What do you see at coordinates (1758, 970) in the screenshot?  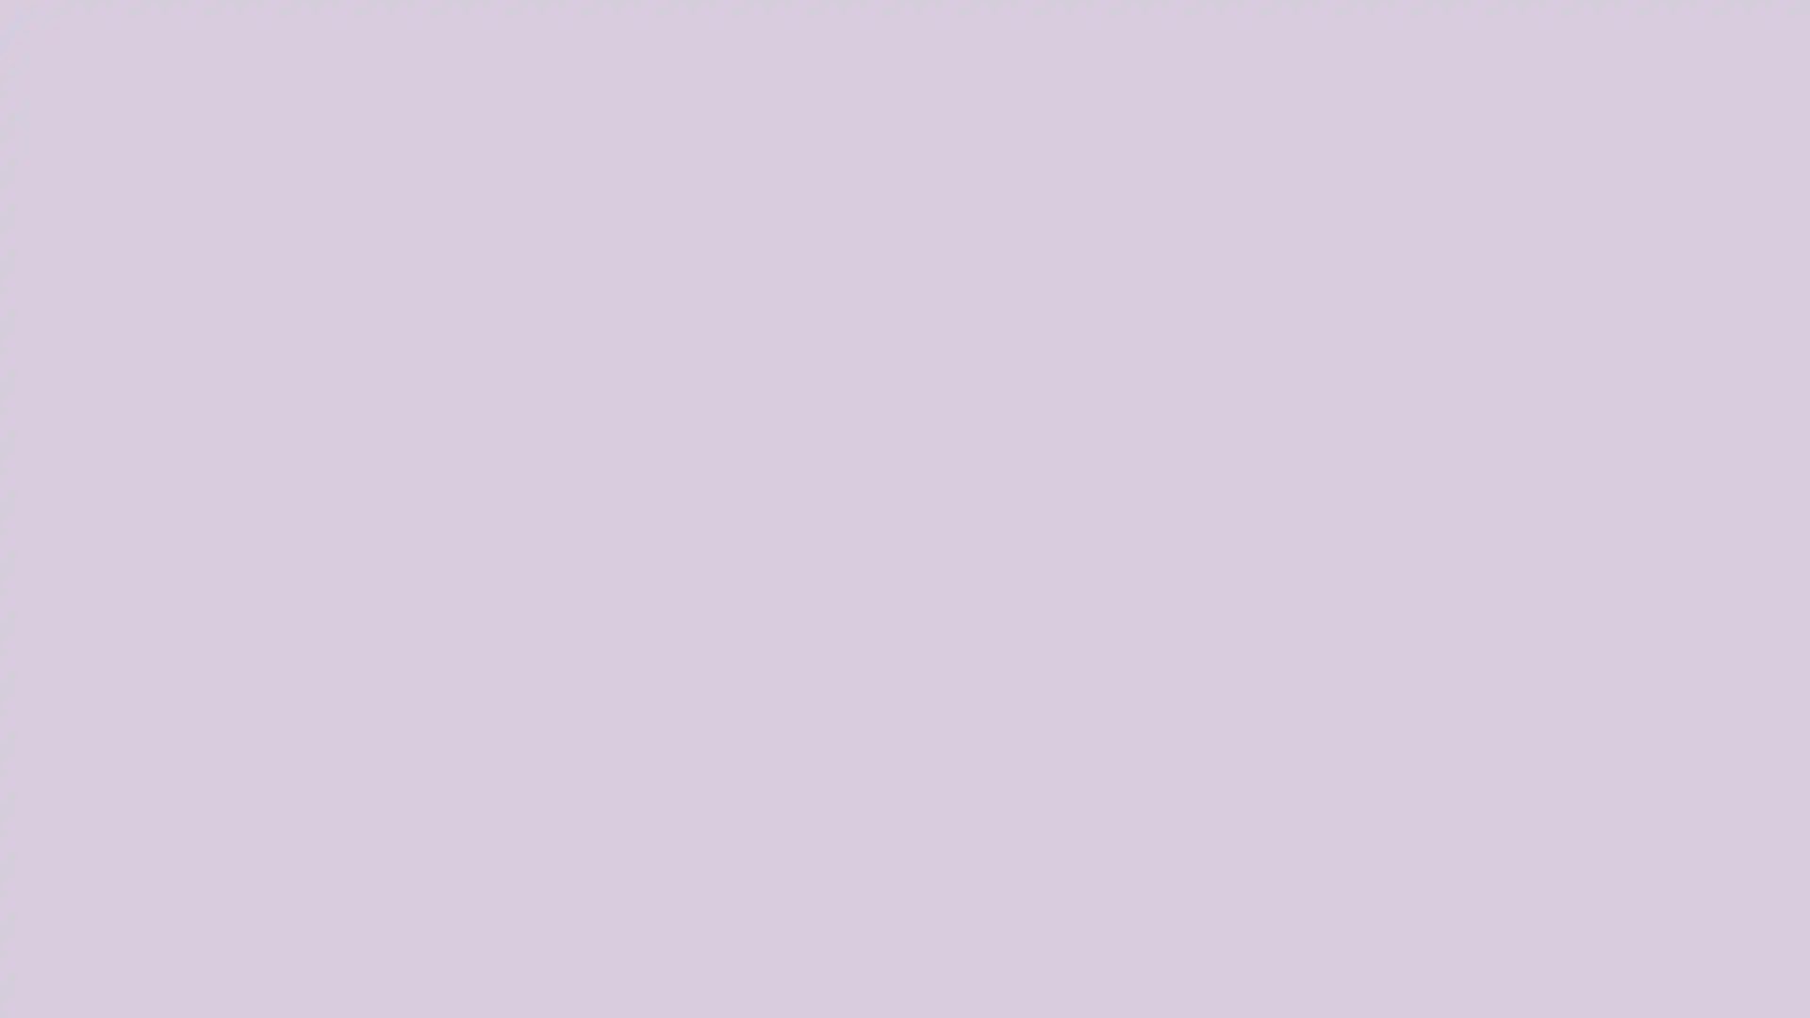 I see `Export to PDF` at bounding box center [1758, 970].